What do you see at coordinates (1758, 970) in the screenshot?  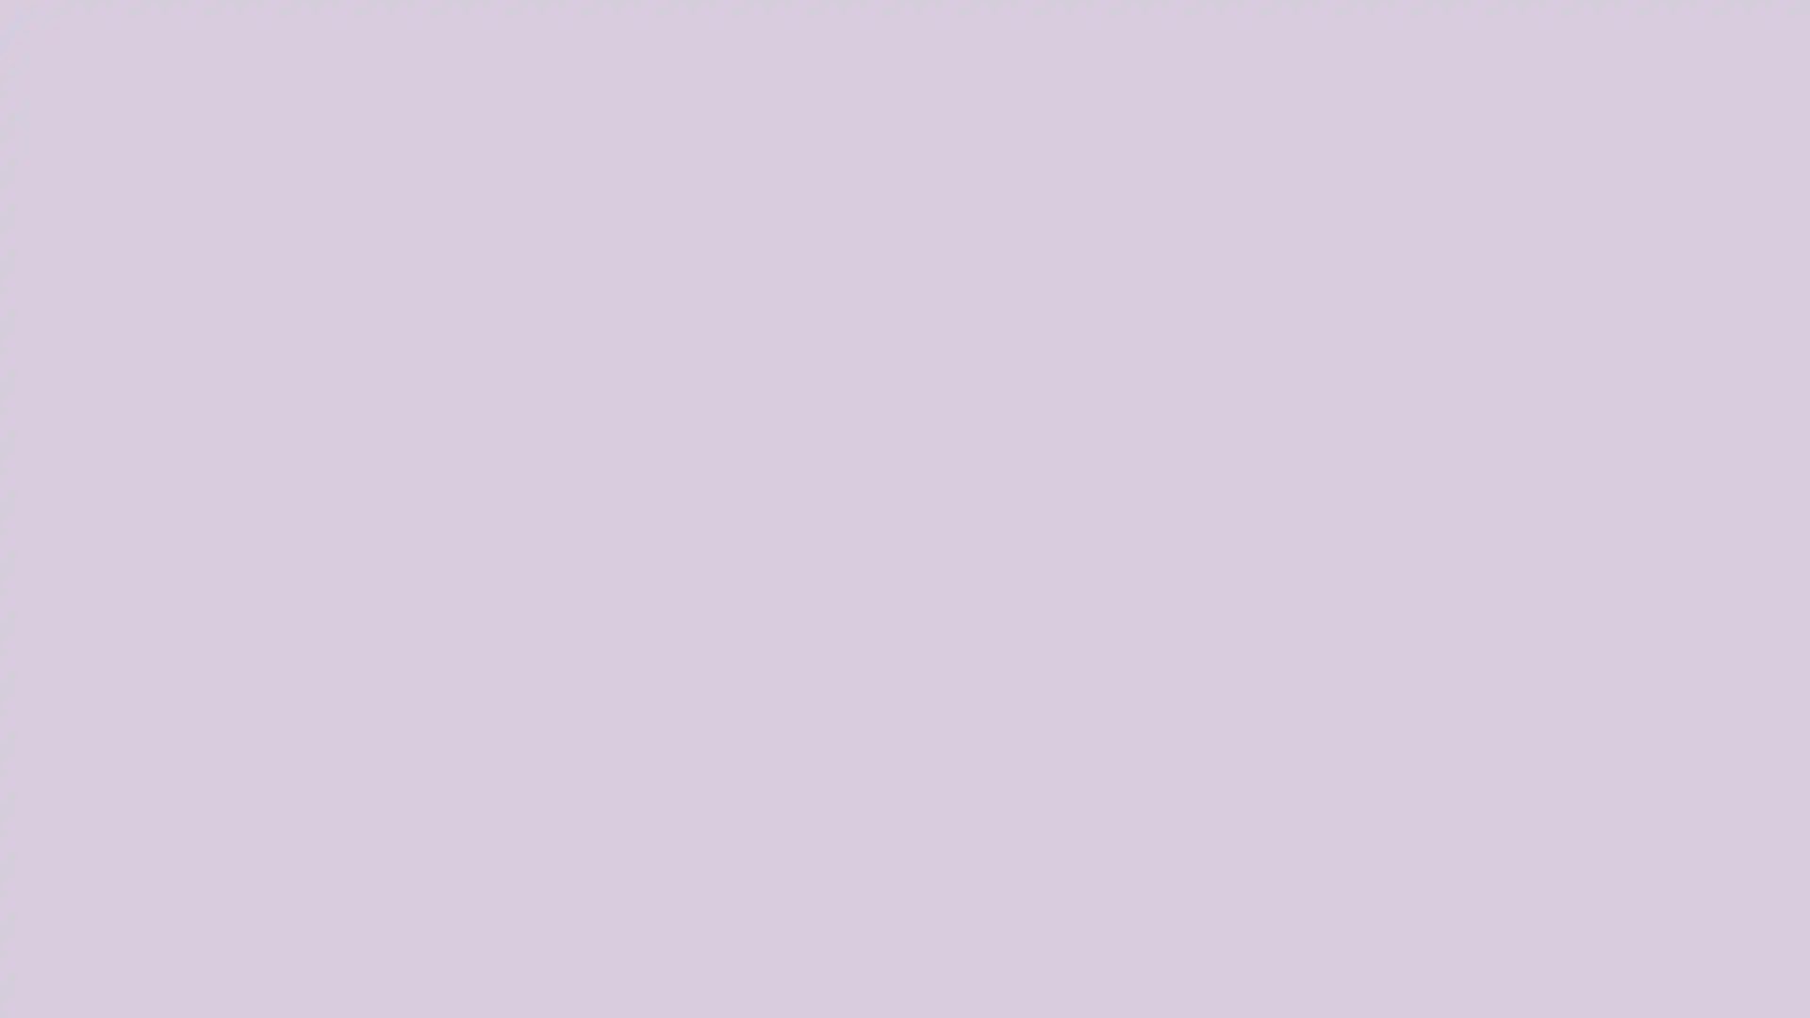 I see `Export to PDF` at bounding box center [1758, 970].